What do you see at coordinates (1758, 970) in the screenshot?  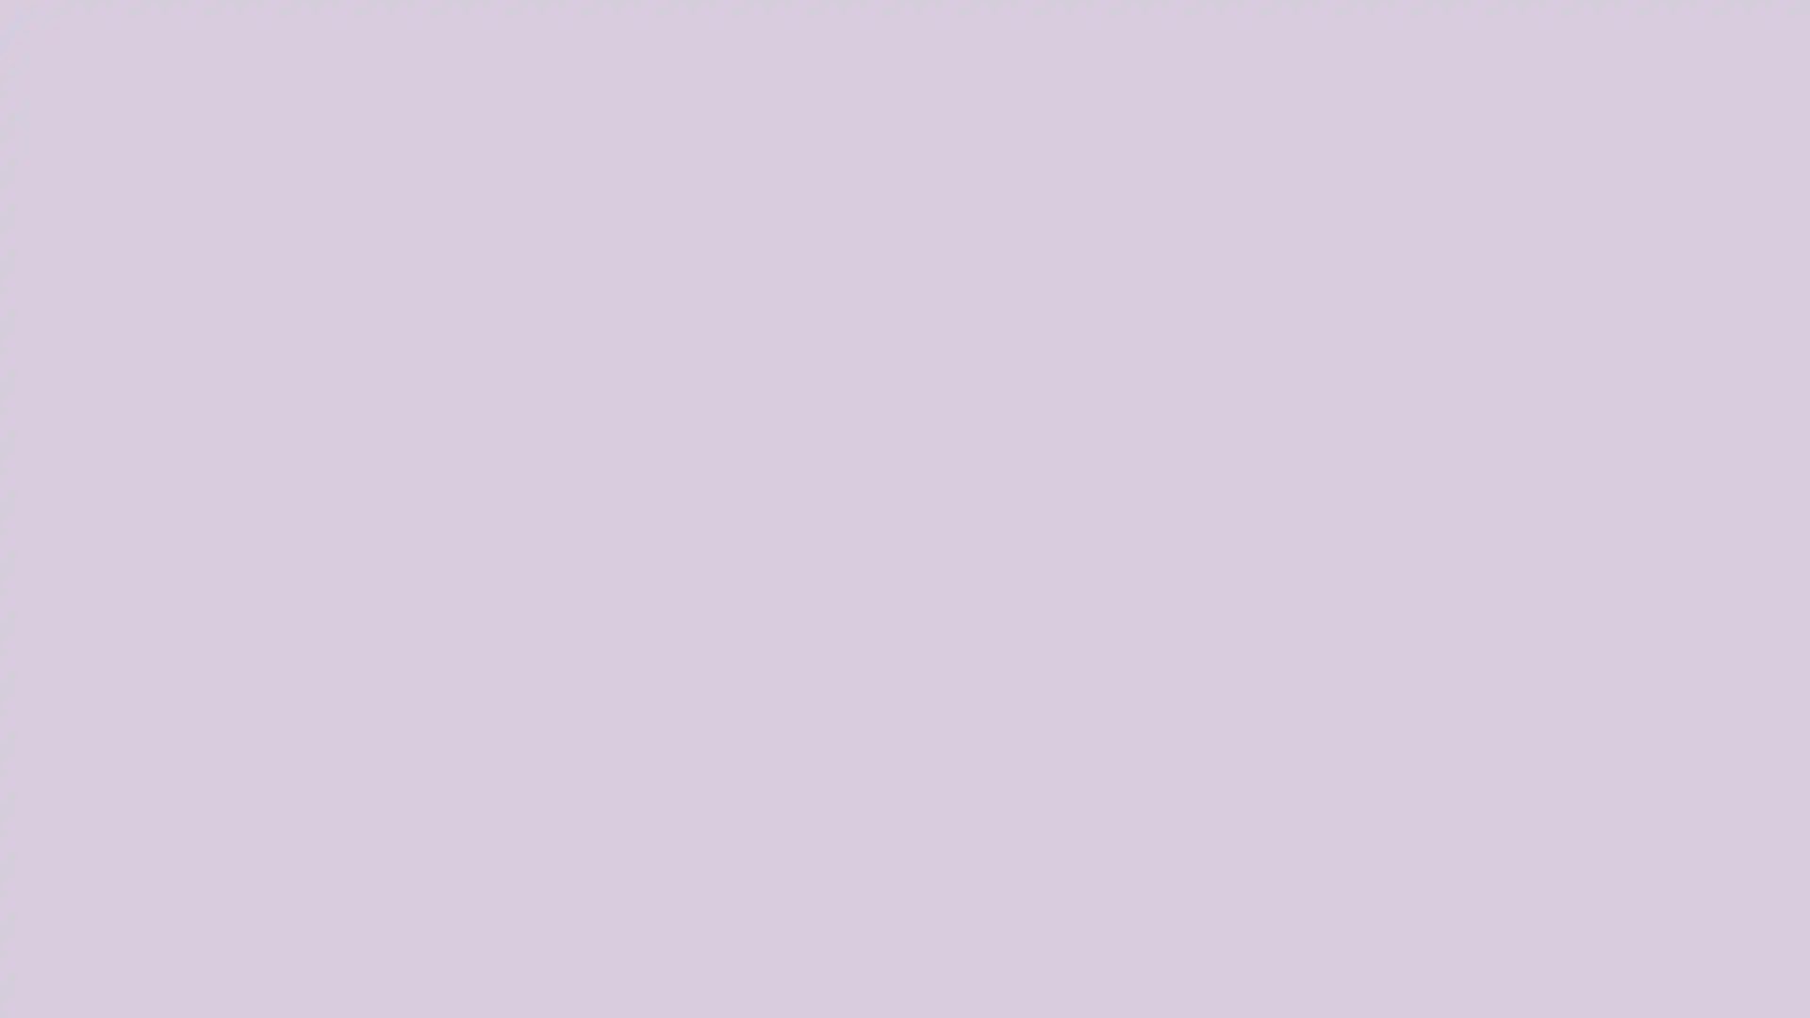 I see `Export to PDF` at bounding box center [1758, 970].